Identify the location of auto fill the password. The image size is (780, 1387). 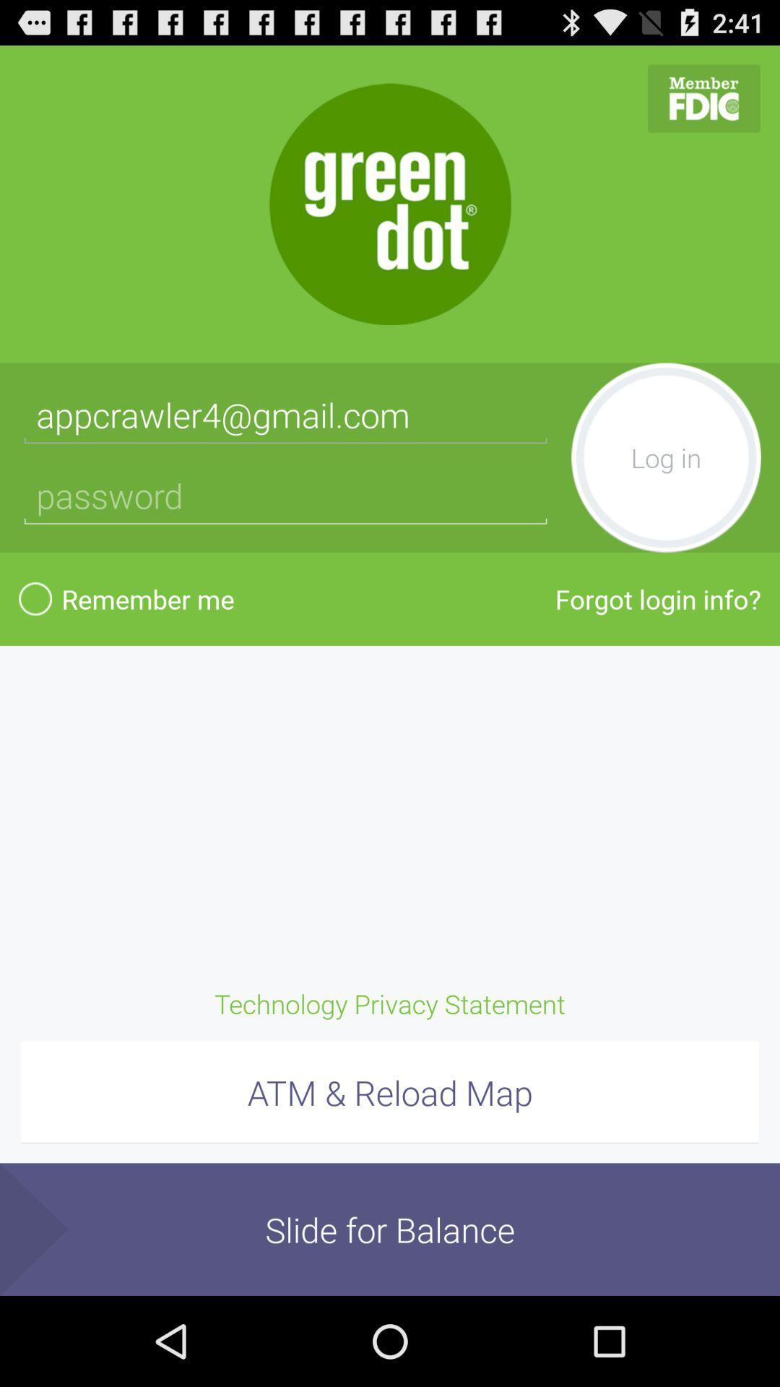
(285, 496).